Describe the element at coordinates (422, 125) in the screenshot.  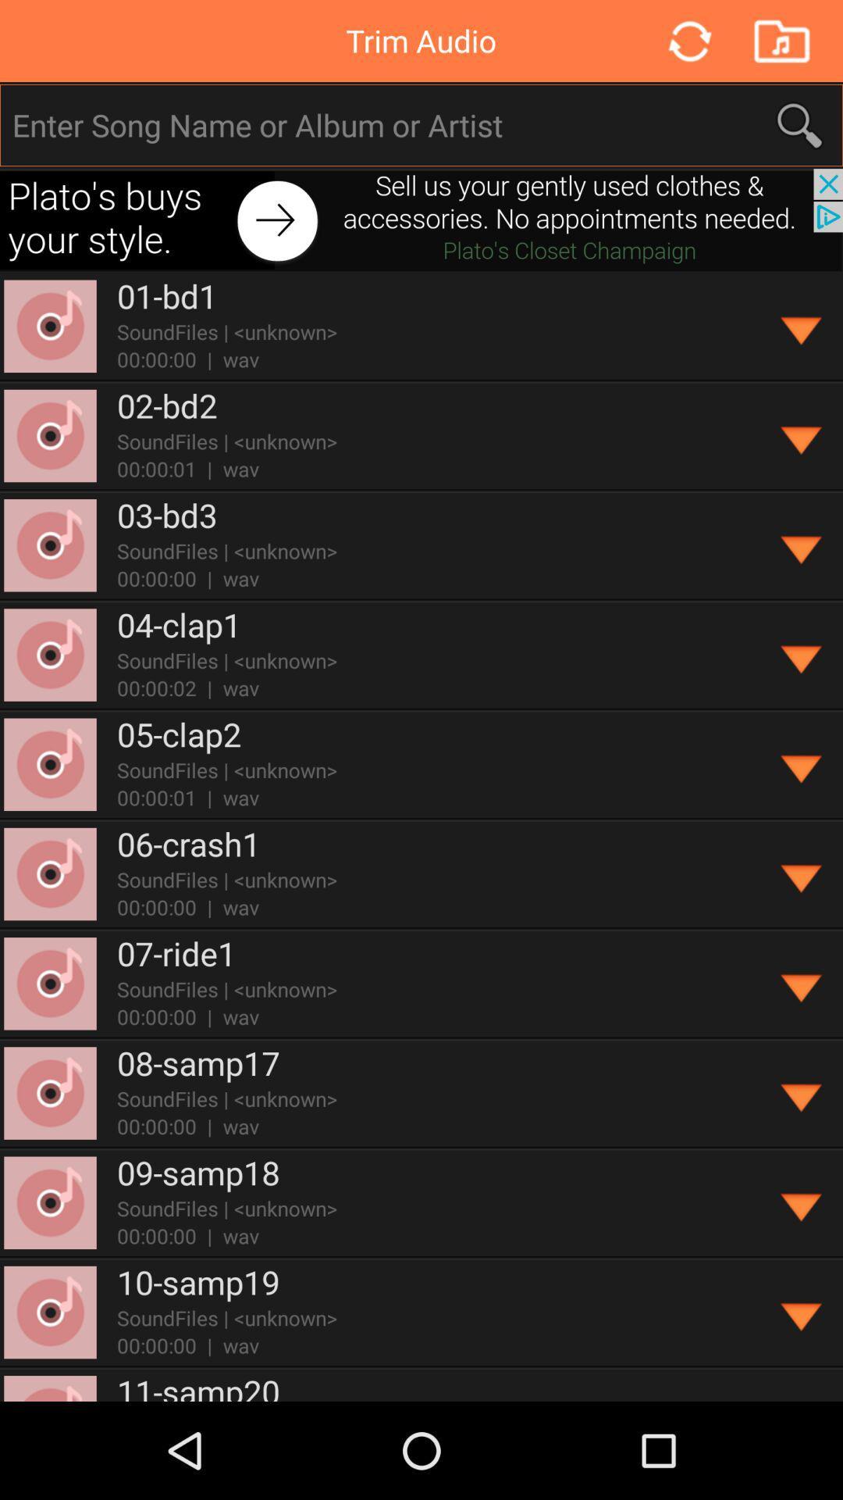
I see `search function` at that location.